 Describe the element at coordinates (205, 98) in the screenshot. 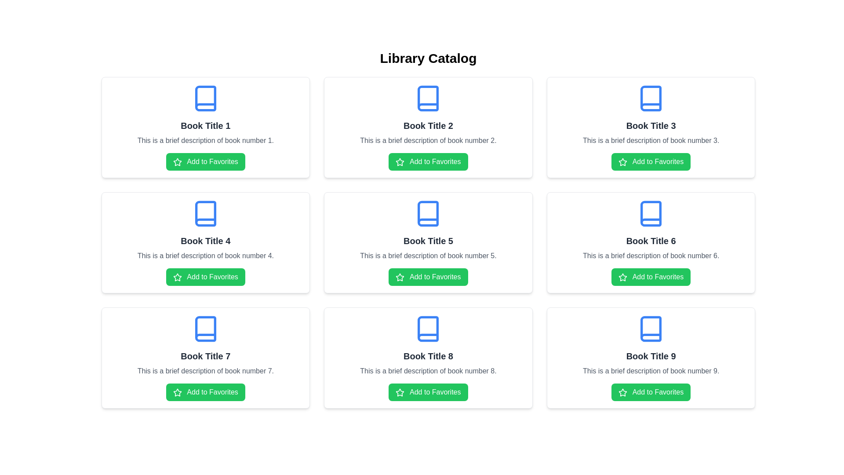

I see `the blue book icon located at the top center of the card labeled 'Book Title 1'` at that location.